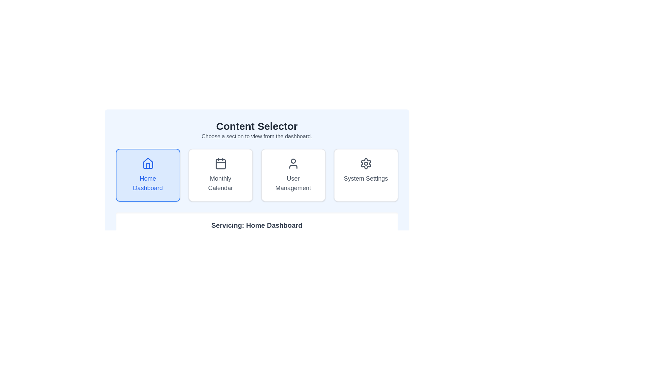  Describe the element at coordinates (220, 175) in the screenshot. I see `the Interactive button located between the 'Home Dashboard' button and the 'User Management' button` at that location.